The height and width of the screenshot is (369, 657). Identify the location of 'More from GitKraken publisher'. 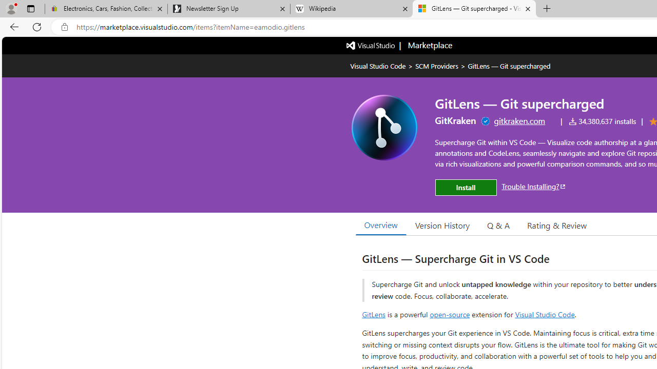
(455, 120).